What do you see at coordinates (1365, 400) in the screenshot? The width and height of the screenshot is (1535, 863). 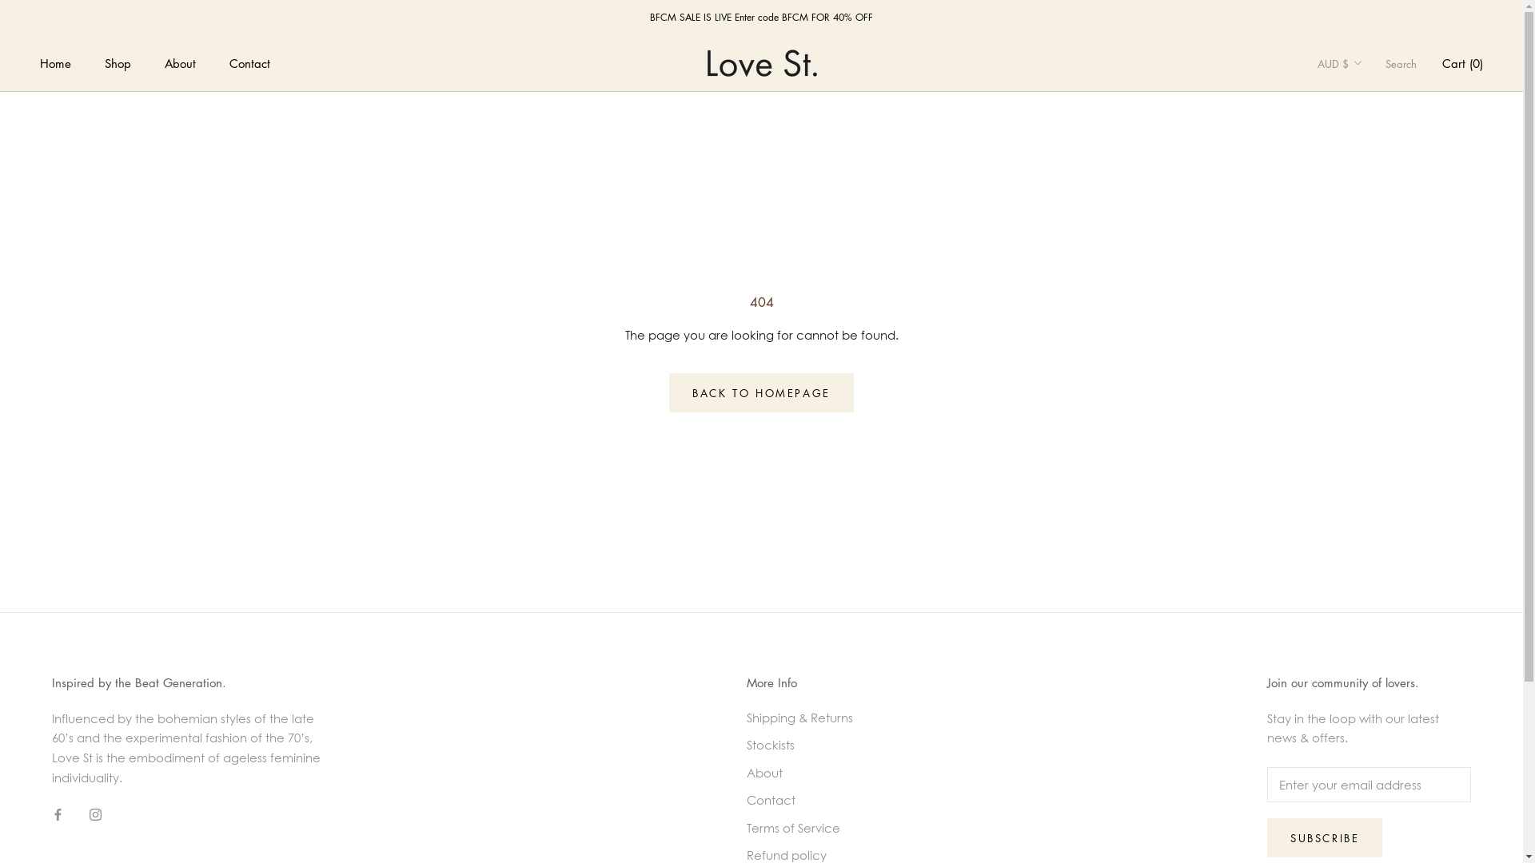 I see `'BIF'` at bounding box center [1365, 400].